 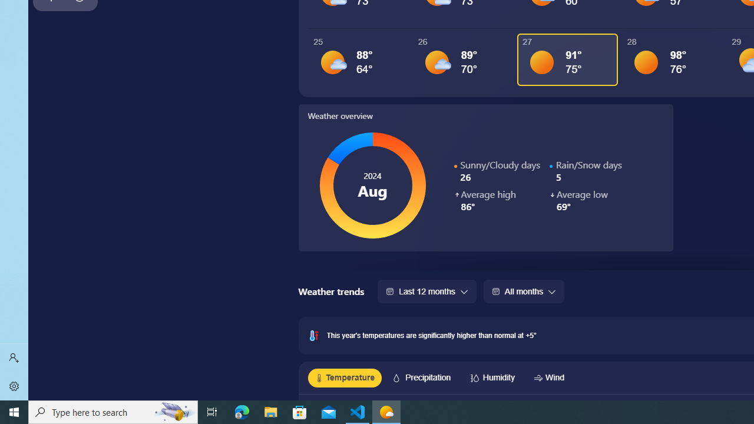 I want to click on 'Microsoft Edge', so click(x=242, y=411).